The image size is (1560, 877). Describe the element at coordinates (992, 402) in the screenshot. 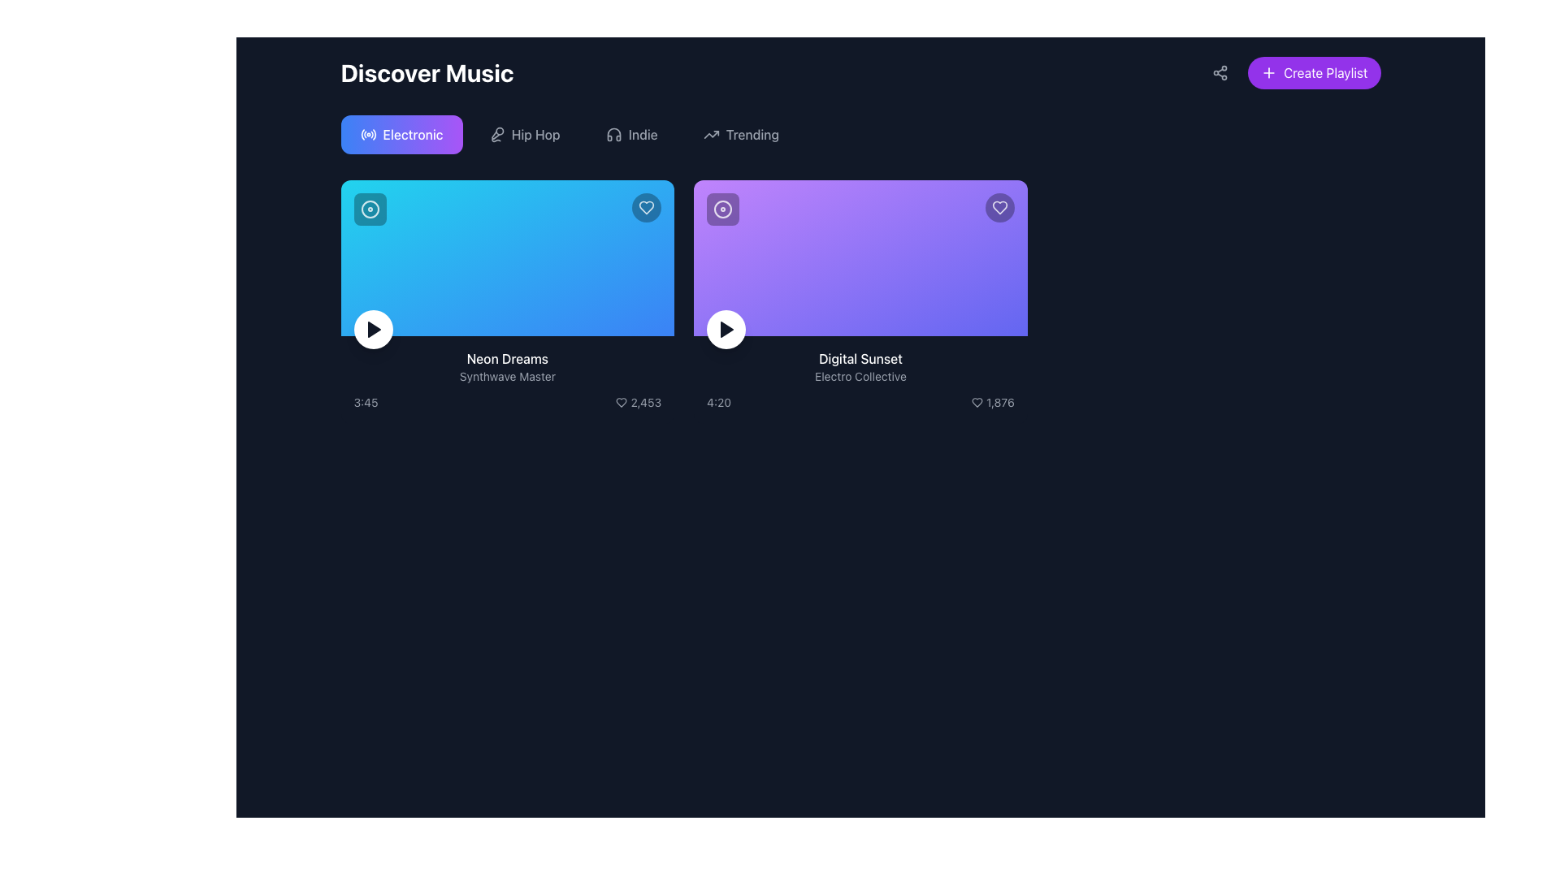

I see `the heart icon in the like counter located at the bottom-right corner of the 'Digital Sunset' card, which shows a count of '1,876'` at that location.